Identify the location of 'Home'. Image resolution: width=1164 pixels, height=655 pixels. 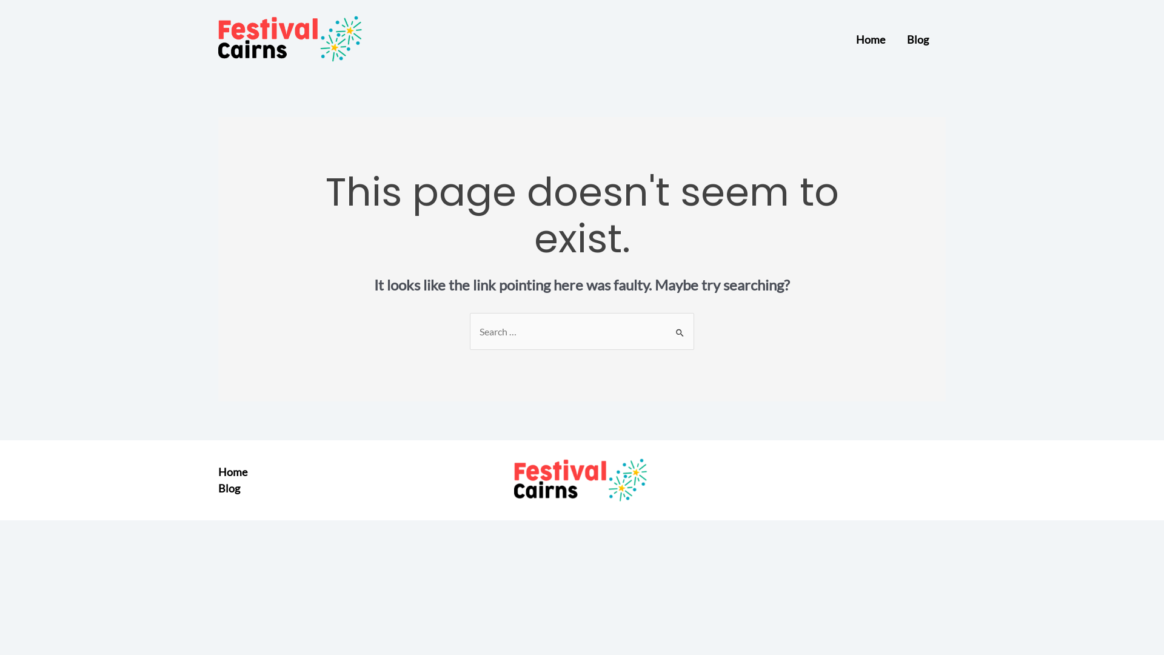
(869, 39).